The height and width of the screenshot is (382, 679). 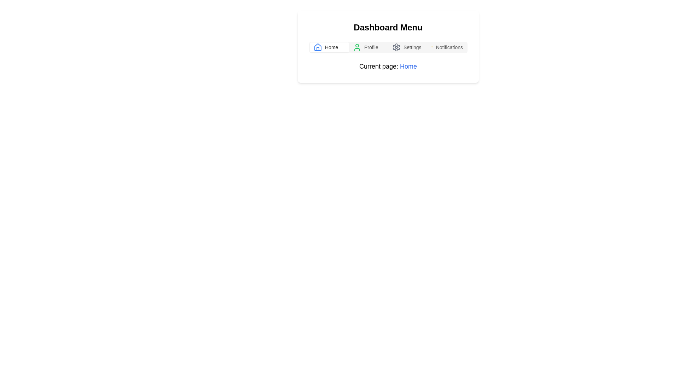 What do you see at coordinates (368, 47) in the screenshot?
I see `the 'Profile' button with a user silhouette icon` at bounding box center [368, 47].